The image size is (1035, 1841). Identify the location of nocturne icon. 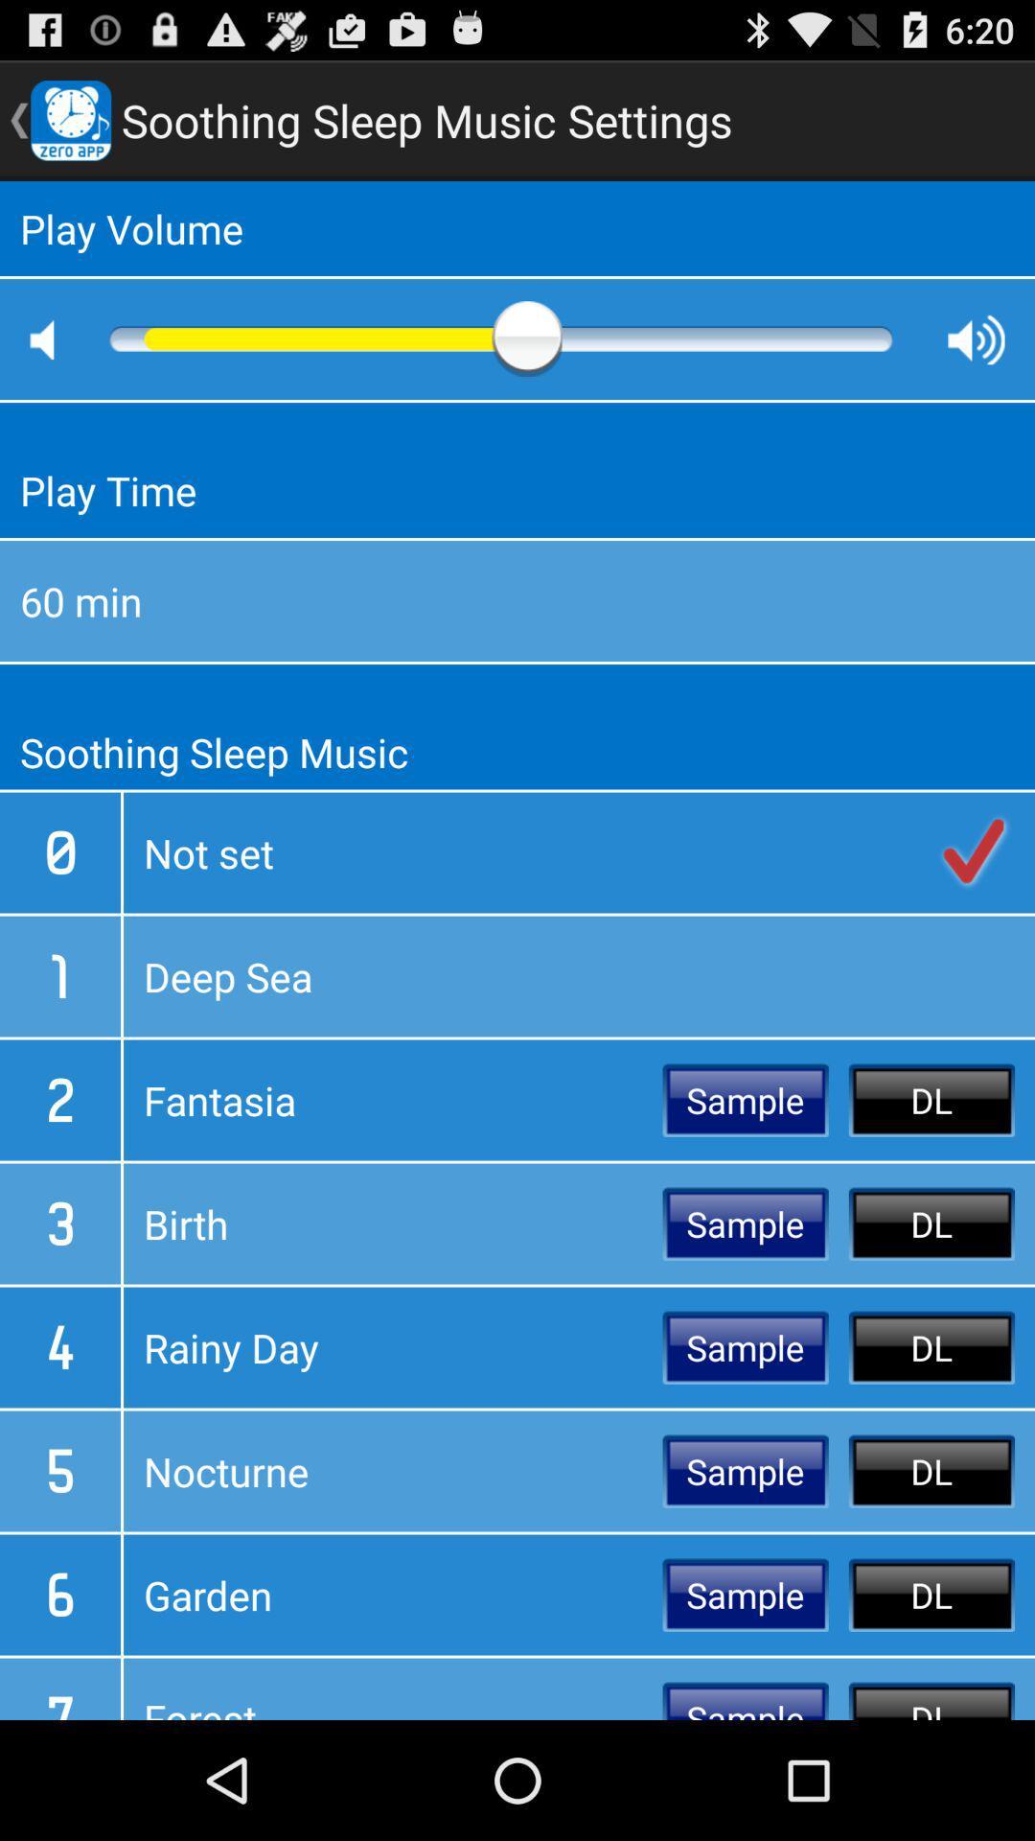
(392, 1470).